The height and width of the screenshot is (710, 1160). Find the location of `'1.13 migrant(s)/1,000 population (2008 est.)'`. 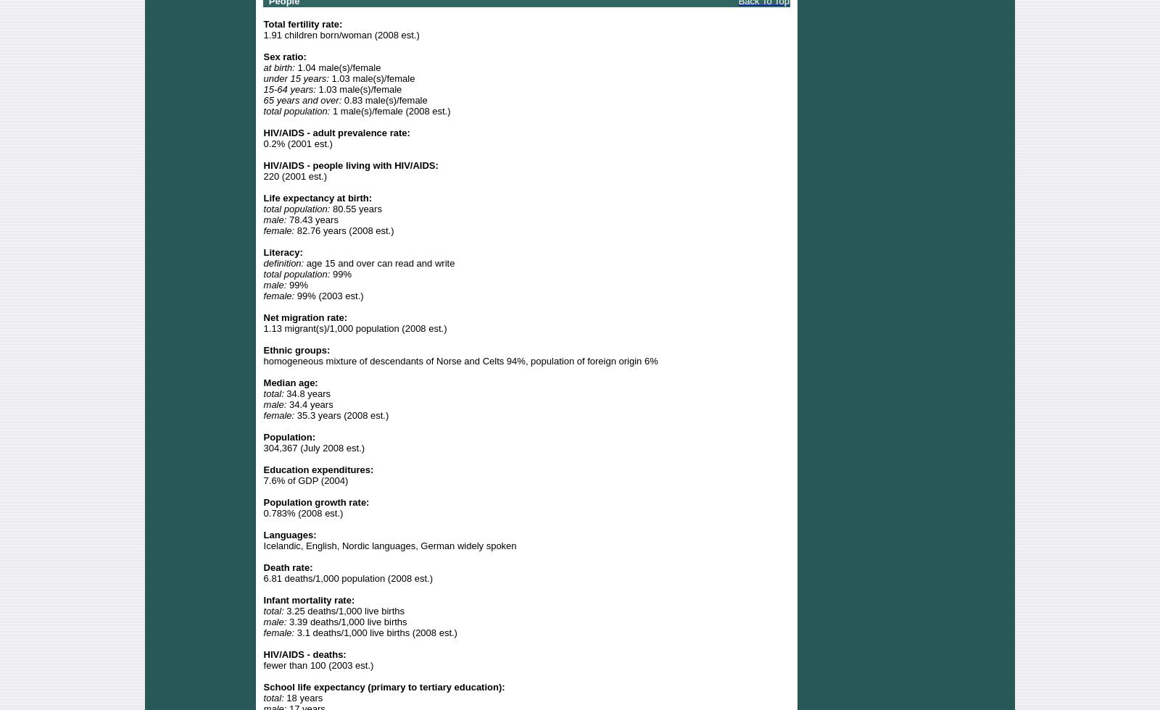

'1.13 migrant(s)/1,000 population (2008 est.)' is located at coordinates (354, 327).